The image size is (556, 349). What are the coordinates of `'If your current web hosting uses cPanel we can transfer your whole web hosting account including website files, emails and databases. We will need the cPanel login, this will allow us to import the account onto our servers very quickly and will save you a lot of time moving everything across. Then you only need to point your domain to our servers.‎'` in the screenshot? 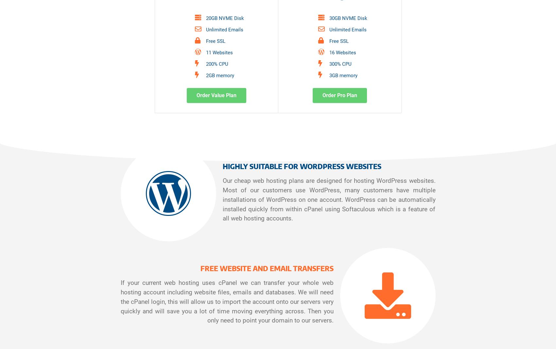 It's located at (227, 301).